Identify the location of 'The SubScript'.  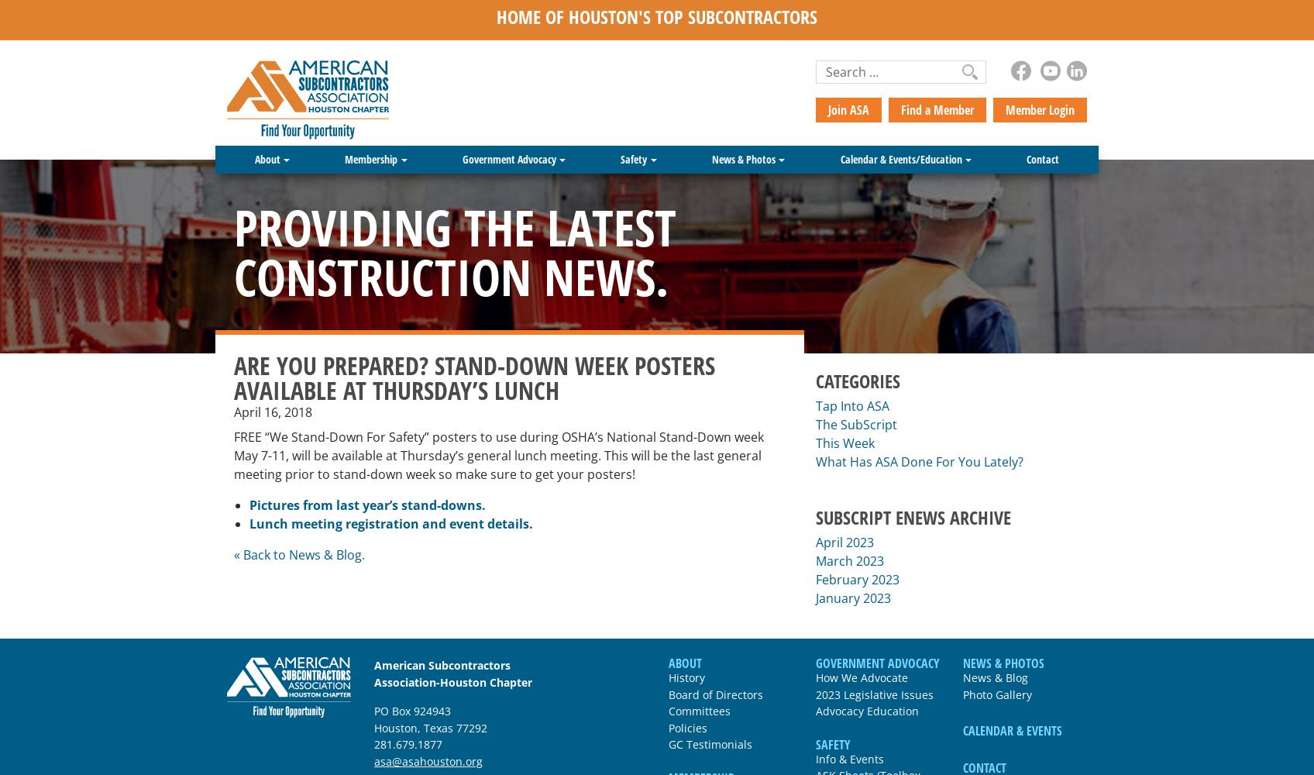
(816, 424).